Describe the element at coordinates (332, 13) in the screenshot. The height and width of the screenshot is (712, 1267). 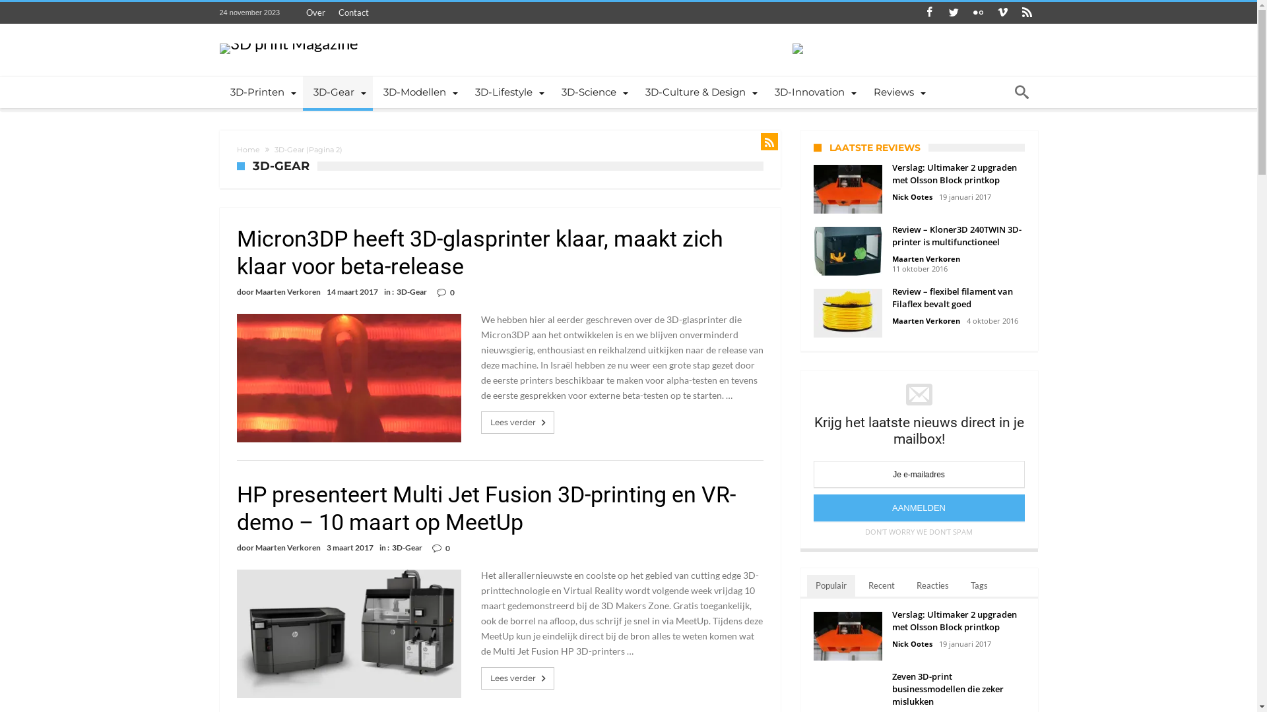
I see `'Contact'` at that location.